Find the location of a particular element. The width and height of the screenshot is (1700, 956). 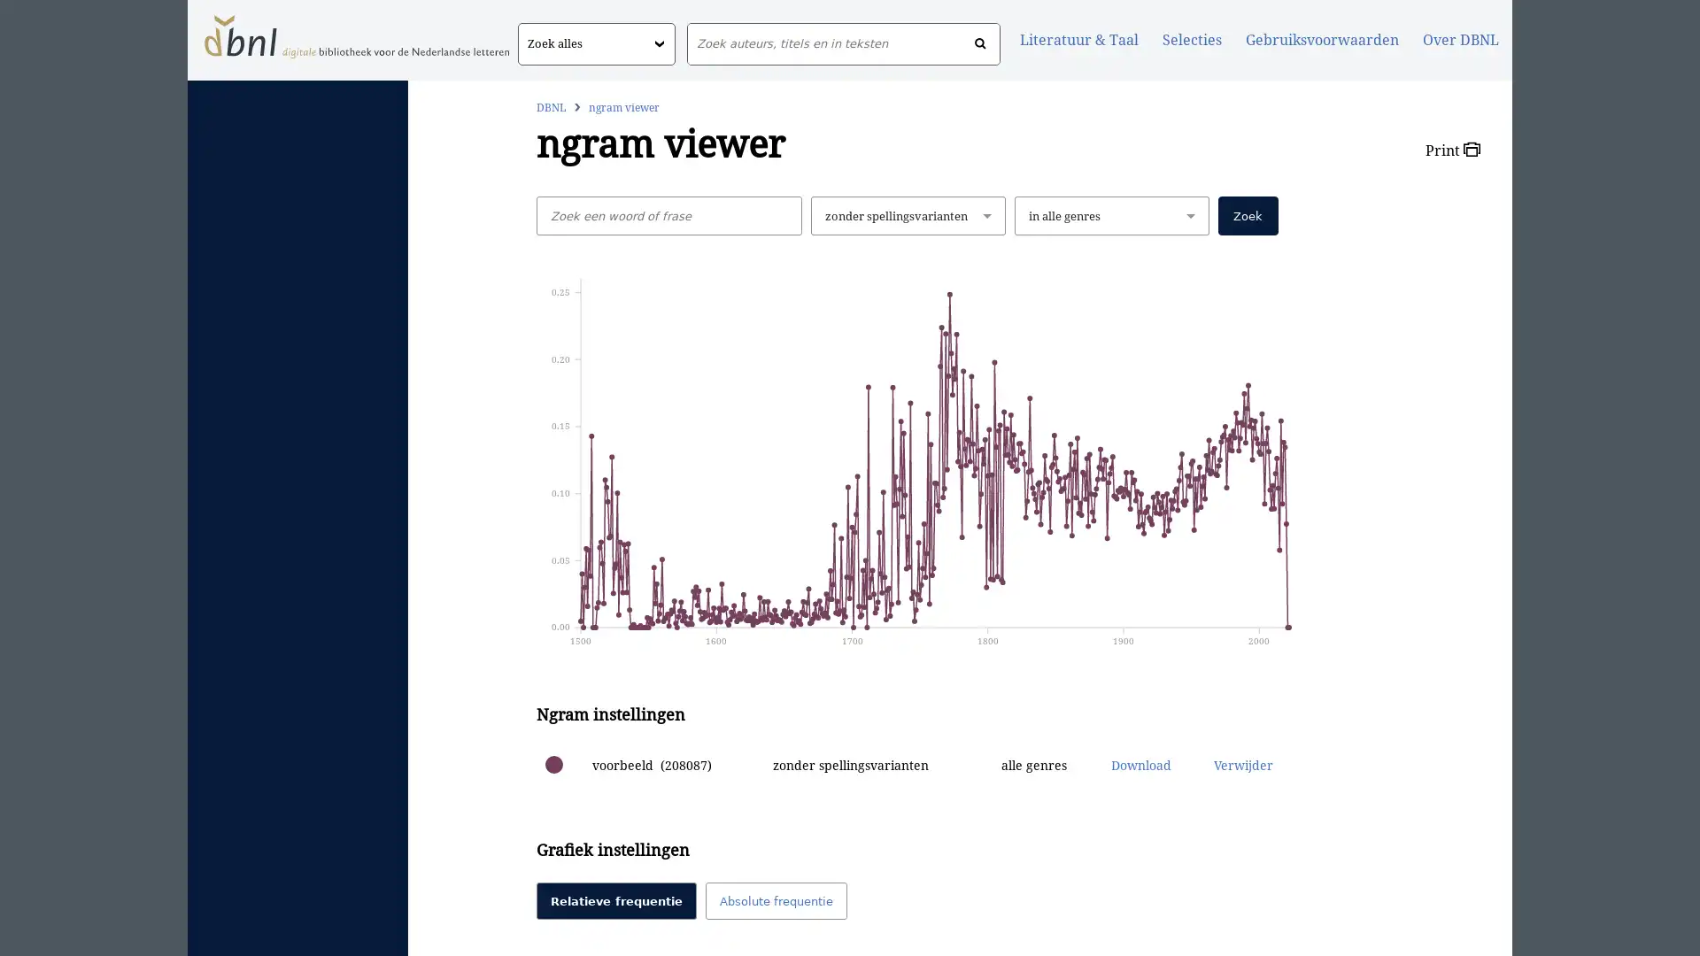

Zoek is located at coordinates (1247, 214).